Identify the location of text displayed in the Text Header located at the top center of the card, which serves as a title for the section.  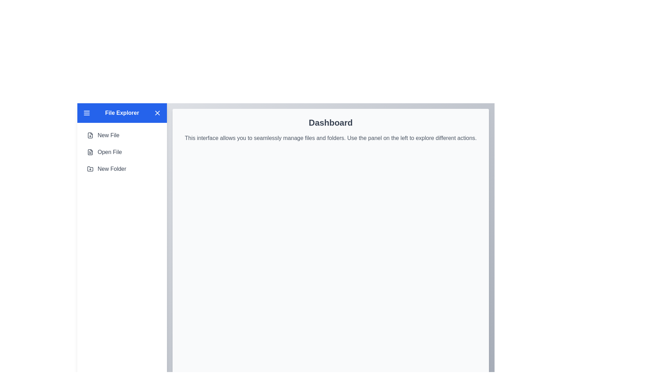
(330, 122).